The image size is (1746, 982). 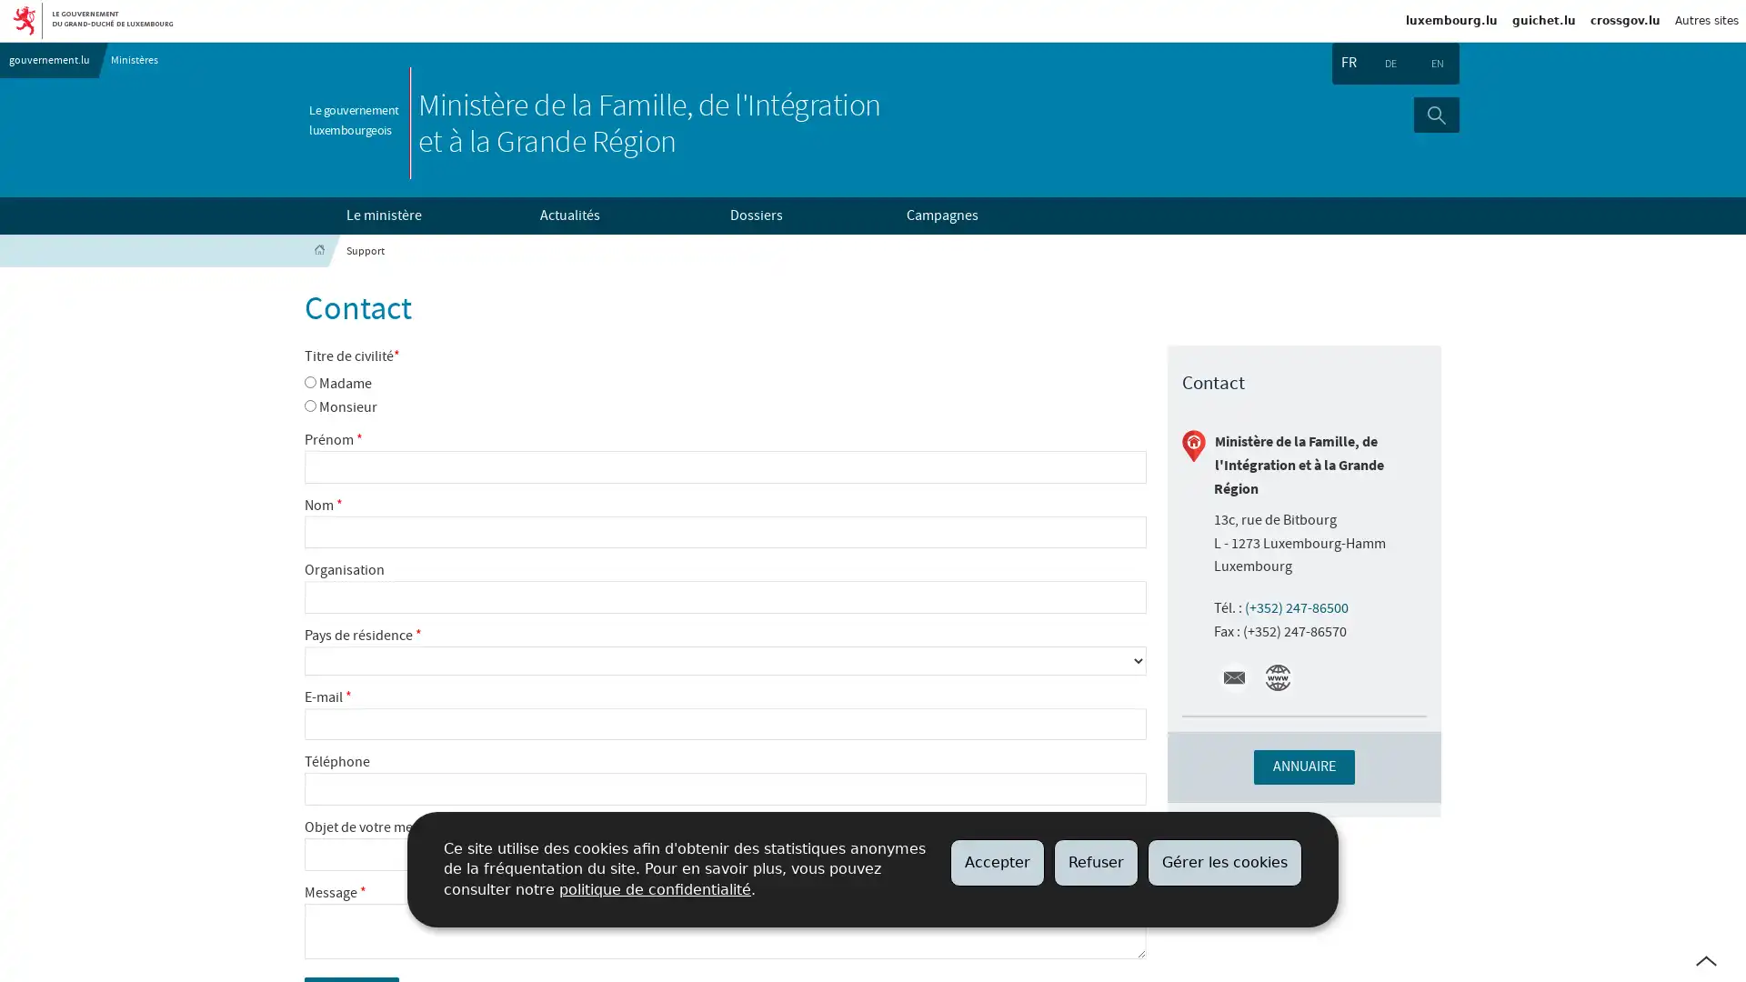 What do you see at coordinates (997, 861) in the screenshot?
I see `Accepter` at bounding box center [997, 861].